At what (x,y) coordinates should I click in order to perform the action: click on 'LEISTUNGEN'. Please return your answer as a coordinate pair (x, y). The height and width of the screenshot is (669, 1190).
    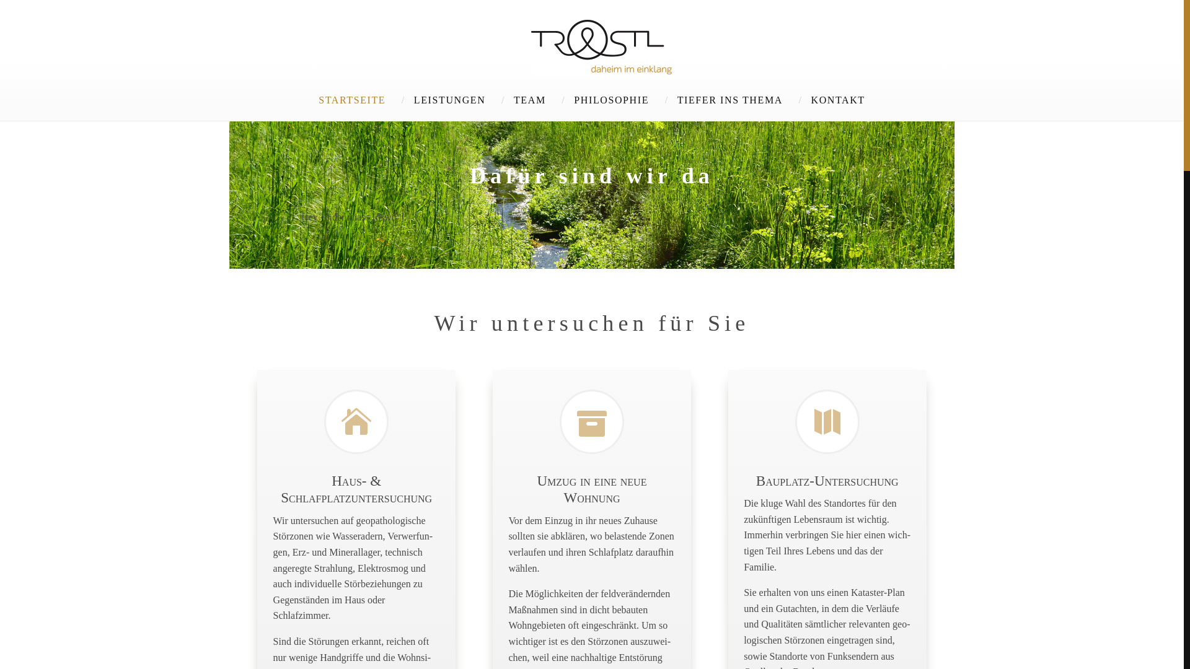
    Looking at the image, I should click on (449, 99).